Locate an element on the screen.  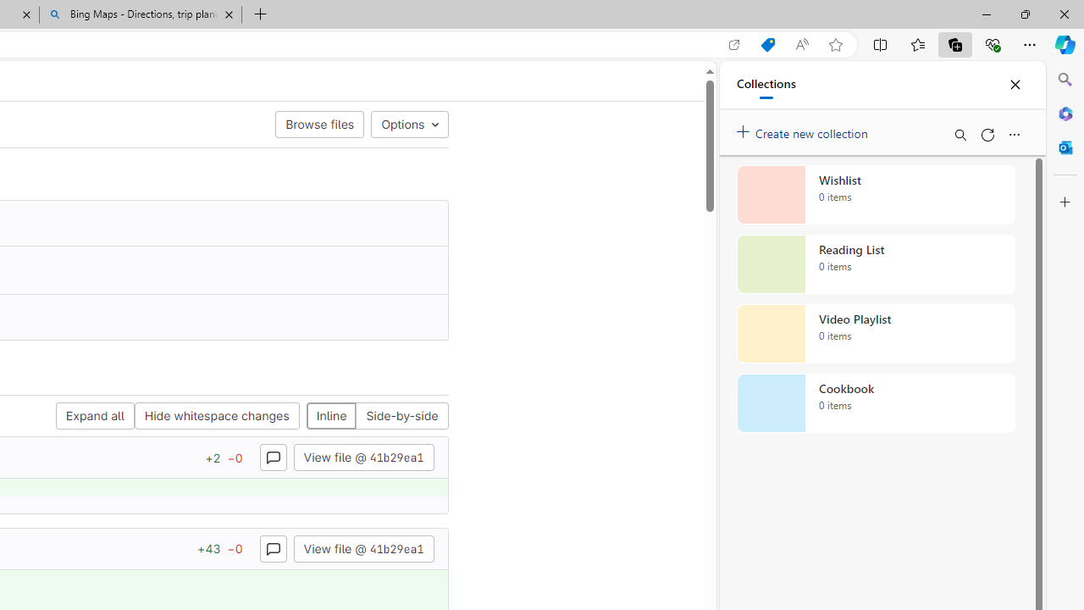
'Toggle comments for this file' is located at coordinates (273, 548).